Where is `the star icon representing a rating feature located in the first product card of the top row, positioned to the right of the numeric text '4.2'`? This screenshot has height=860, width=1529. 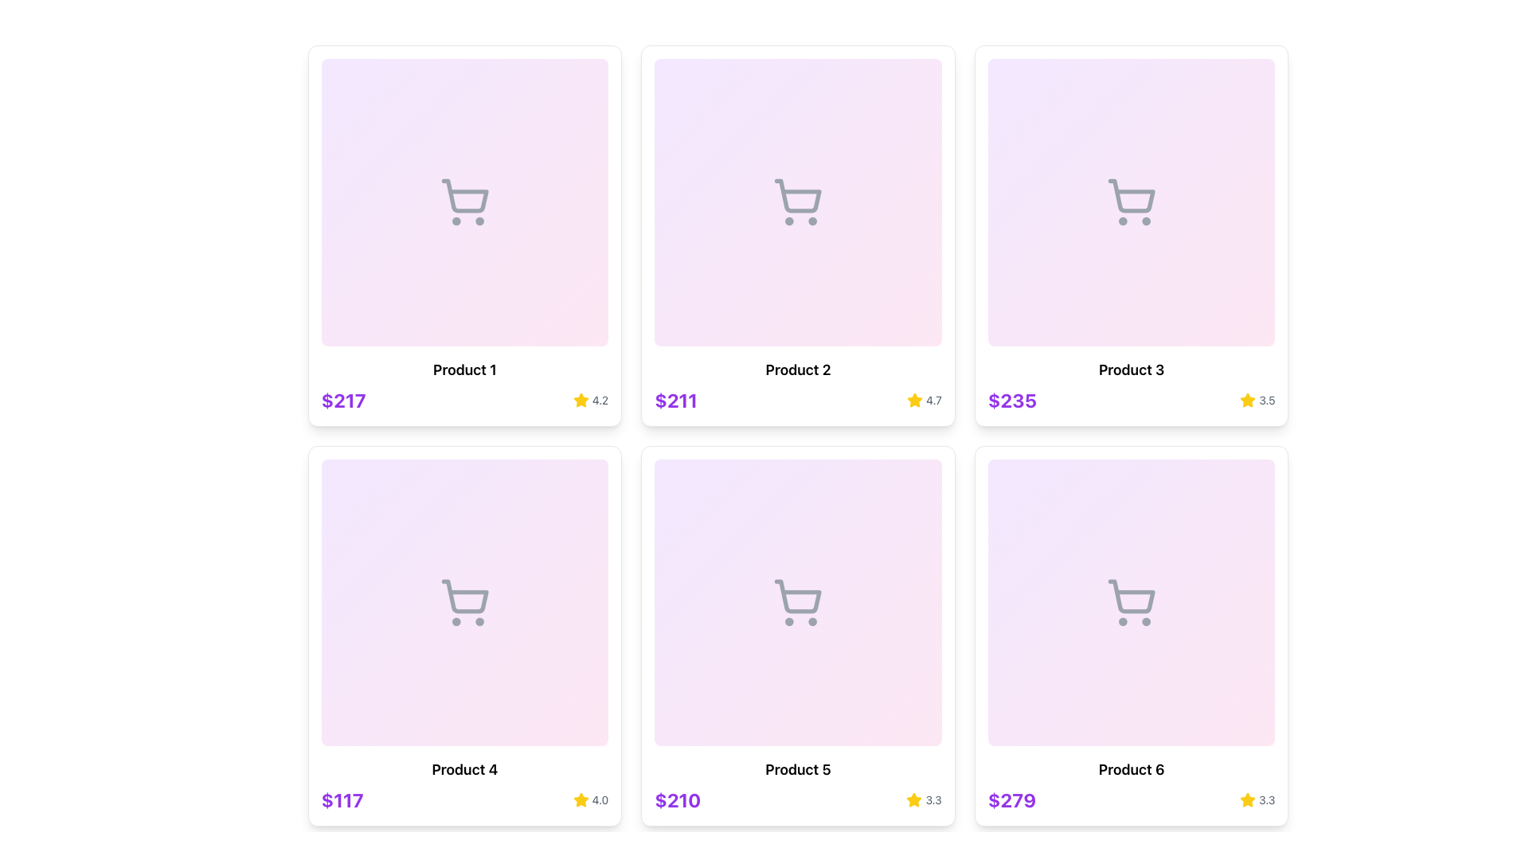
the star icon representing a rating feature located in the first product card of the top row, positioned to the right of the numeric text '4.2' is located at coordinates (580, 399).